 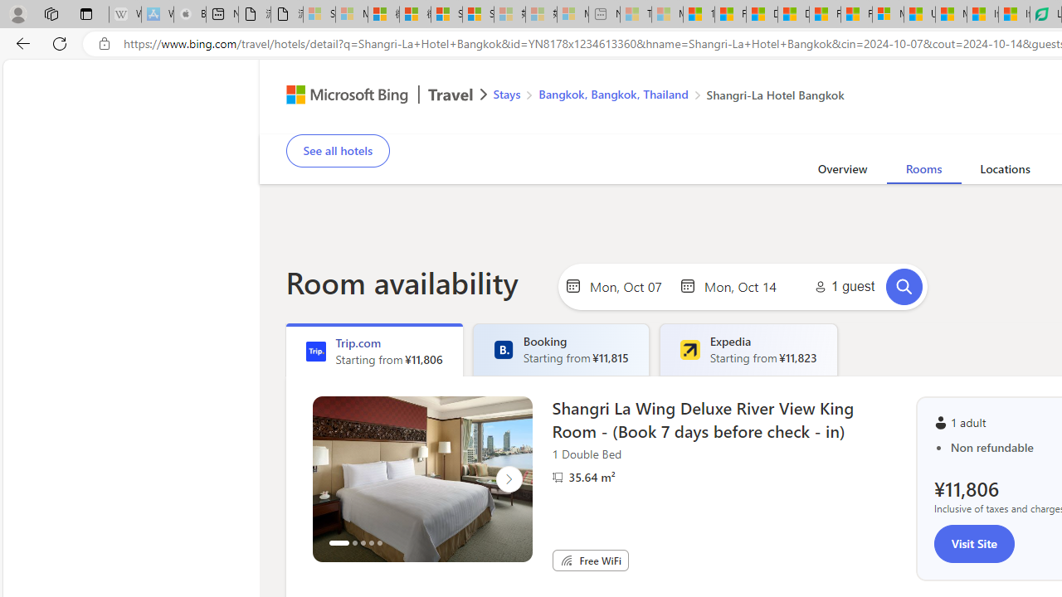 What do you see at coordinates (856, 14) in the screenshot?
I see `'Foo BAR | Trusted Community Engagement and Contributions'` at bounding box center [856, 14].